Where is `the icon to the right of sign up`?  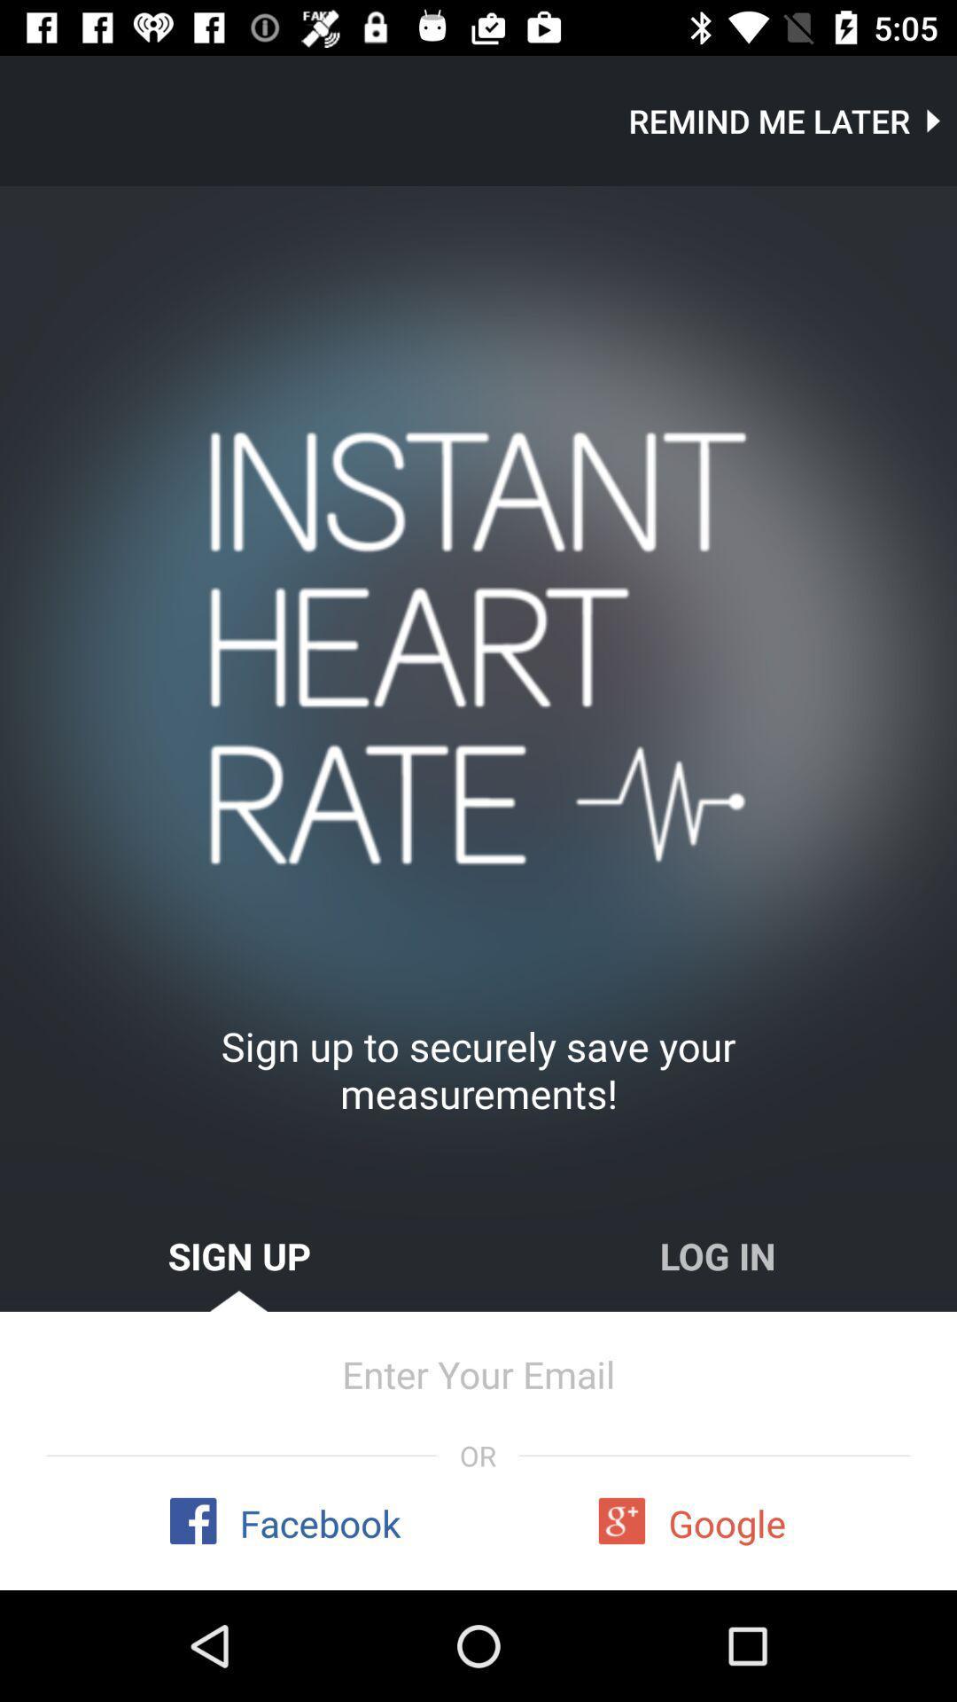
the icon to the right of sign up is located at coordinates (718, 1254).